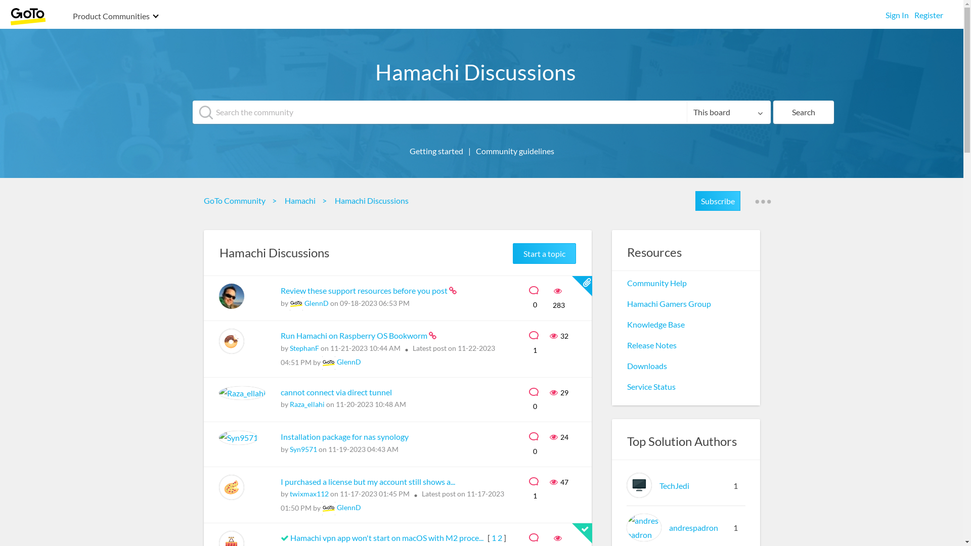  Describe the element at coordinates (344, 436) in the screenshot. I see `'Installation package for nas synology'` at that location.